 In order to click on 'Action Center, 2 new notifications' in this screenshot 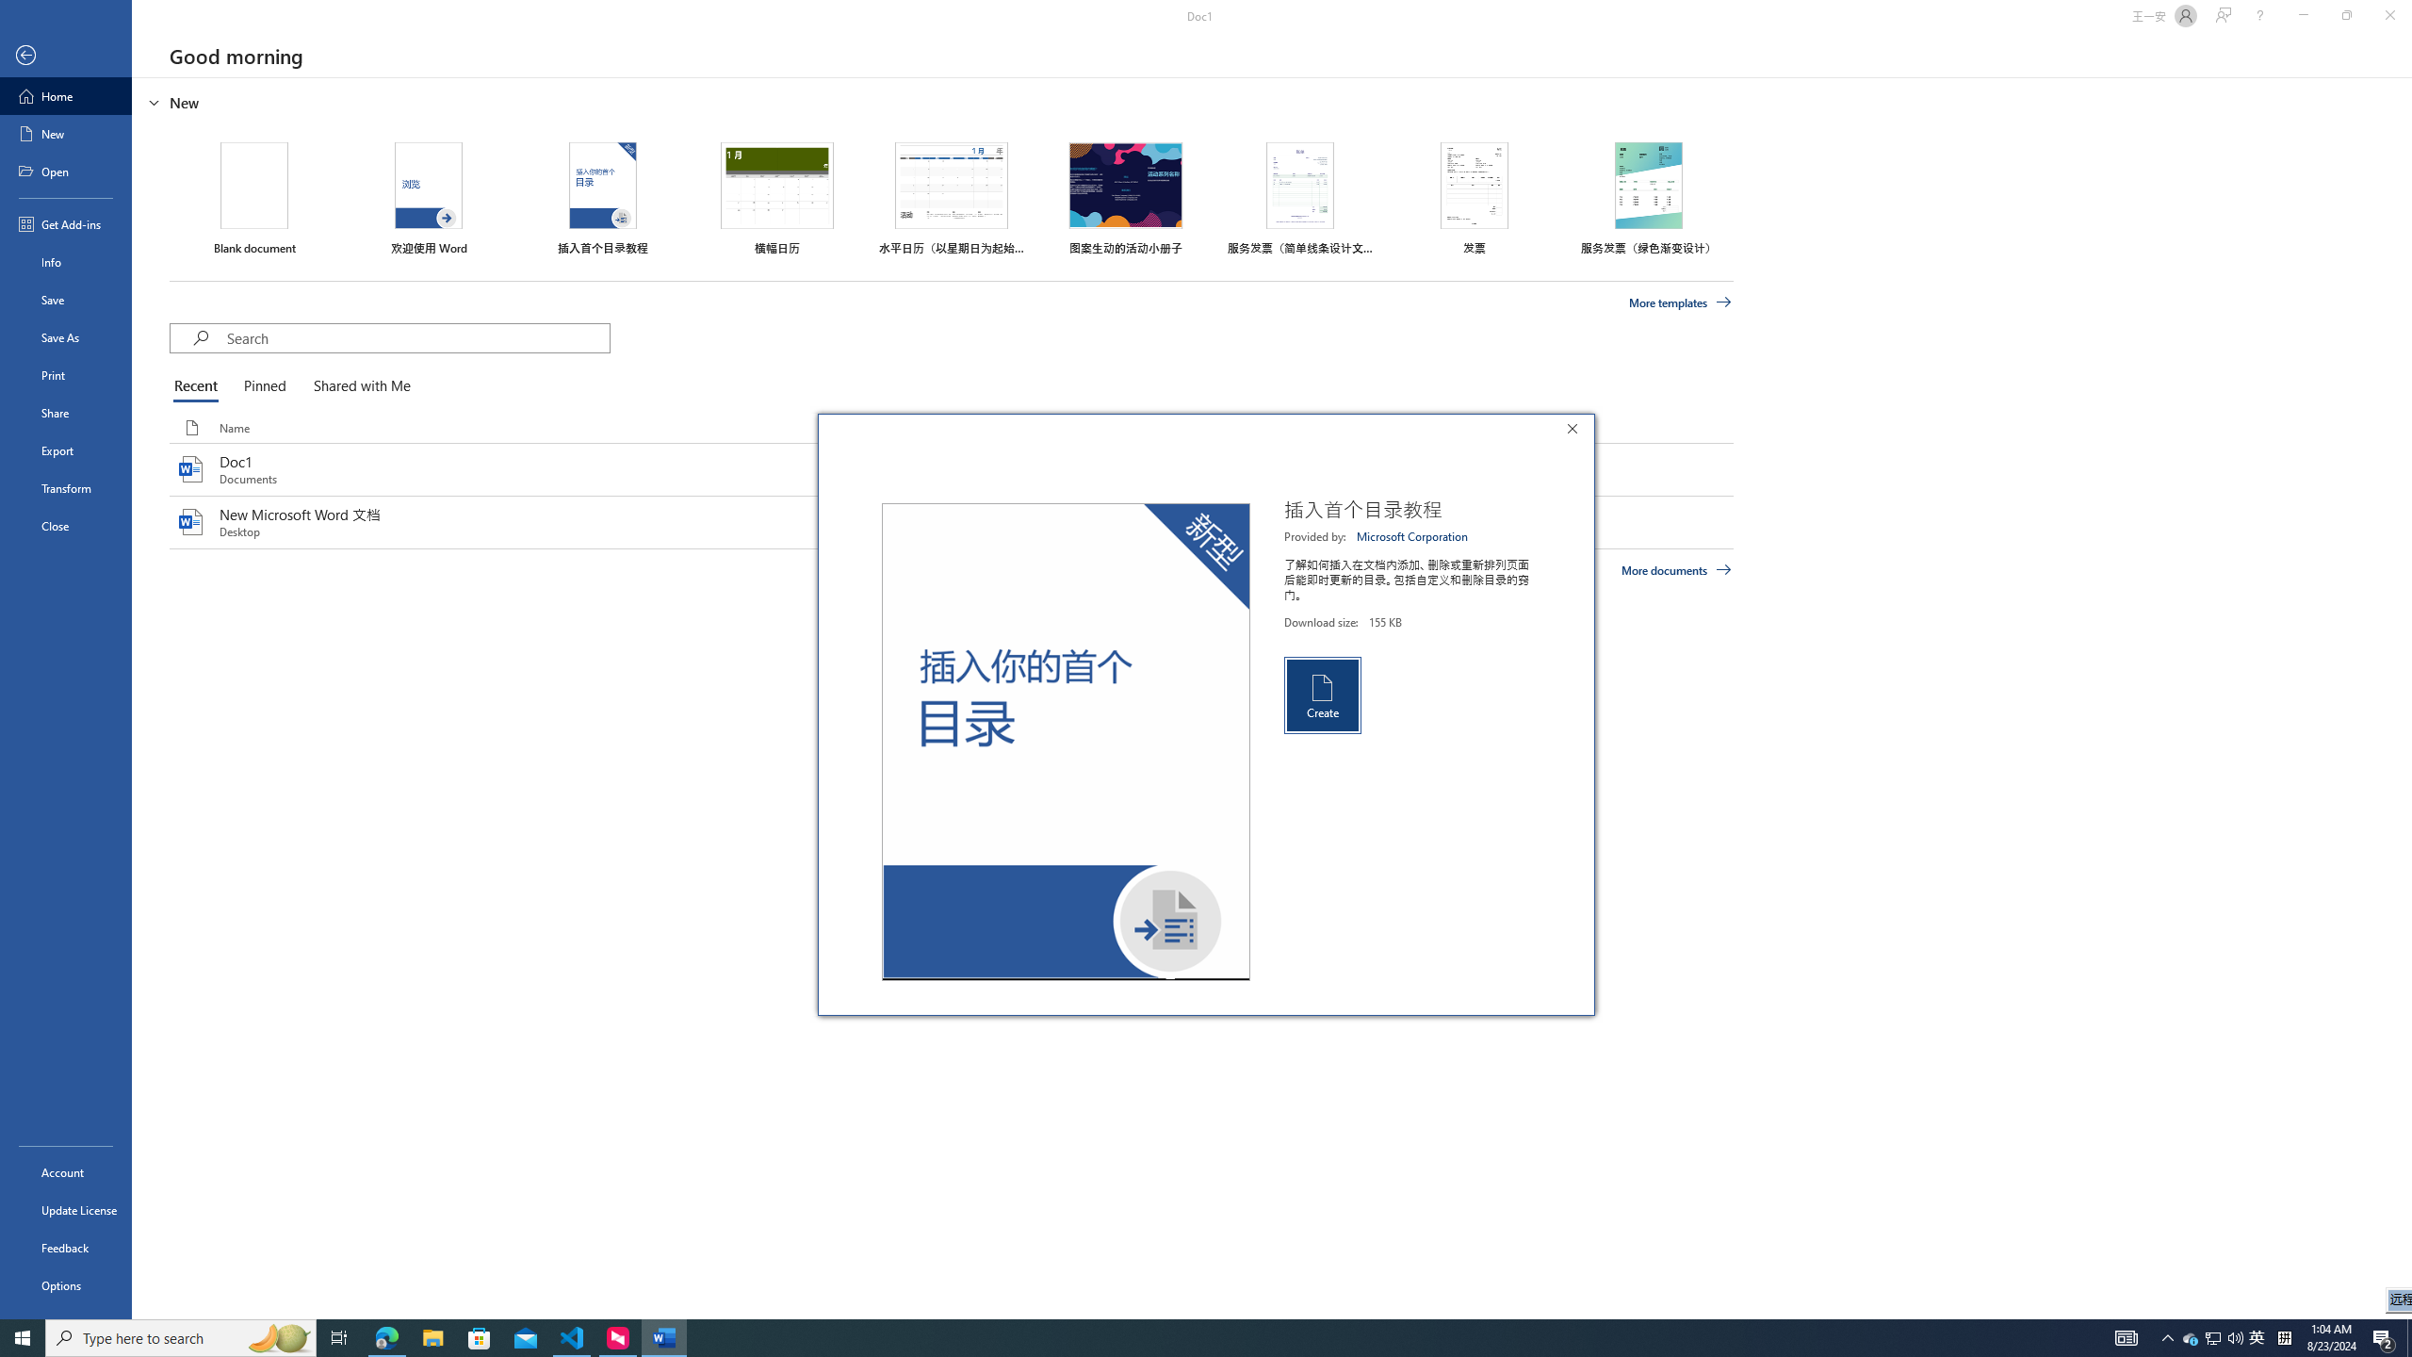, I will do `click(2384, 1336)`.